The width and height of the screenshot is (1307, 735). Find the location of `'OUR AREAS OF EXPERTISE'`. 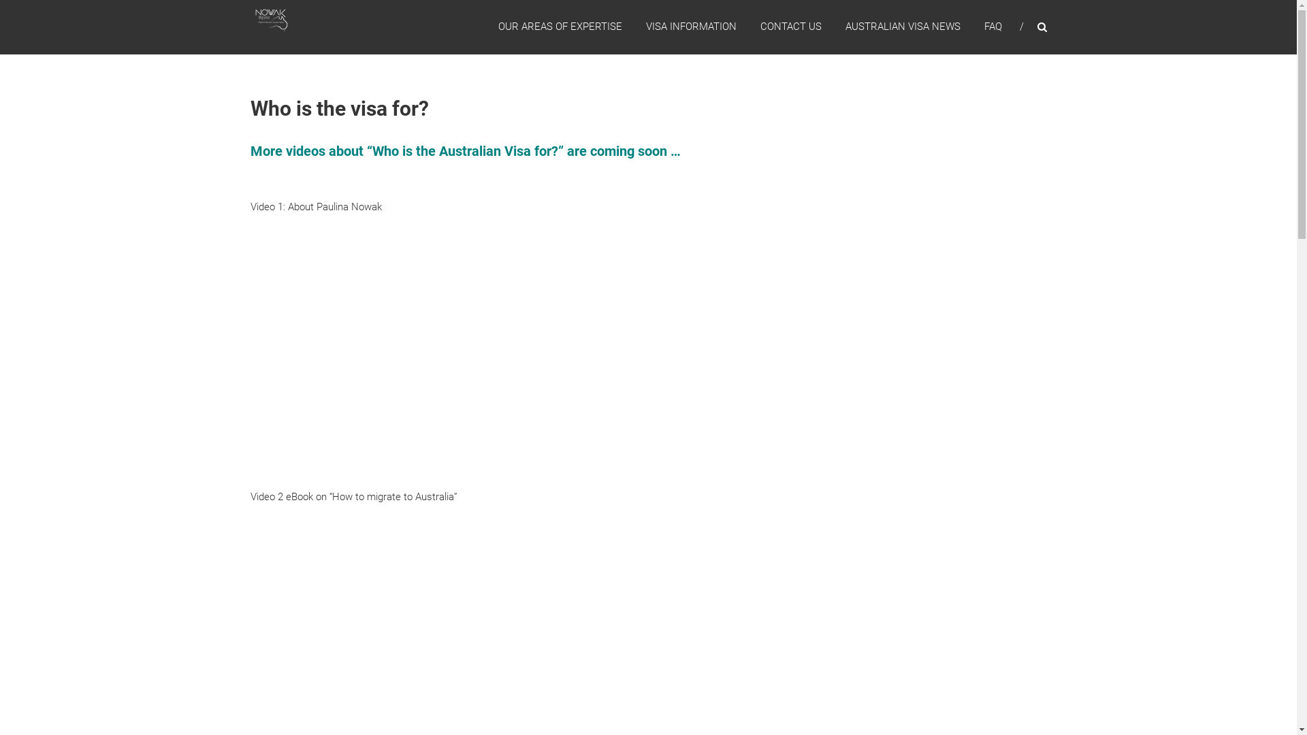

'OUR AREAS OF EXPERTISE' is located at coordinates (560, 26).